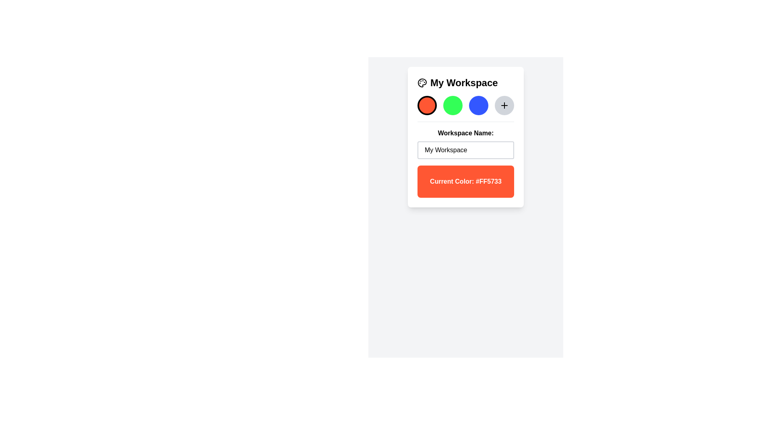 Image resolution: width=773 pixels, height=435 pixels. Describe the element at coordinates (479, 105) in the screenshot. I see `the third button in a horizontal row of four buttons` at that location.